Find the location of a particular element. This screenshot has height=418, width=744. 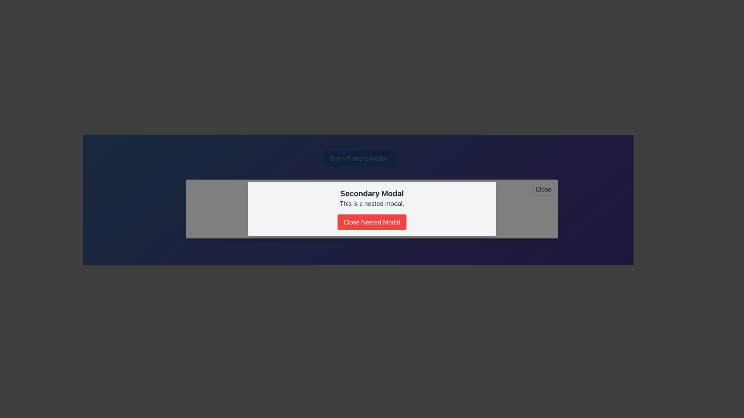

the 'Close Nested Modal' button, which has a bright red background and white text, located at the bottom of the 'Secondary Modal' is located at coordinates (372, 222).